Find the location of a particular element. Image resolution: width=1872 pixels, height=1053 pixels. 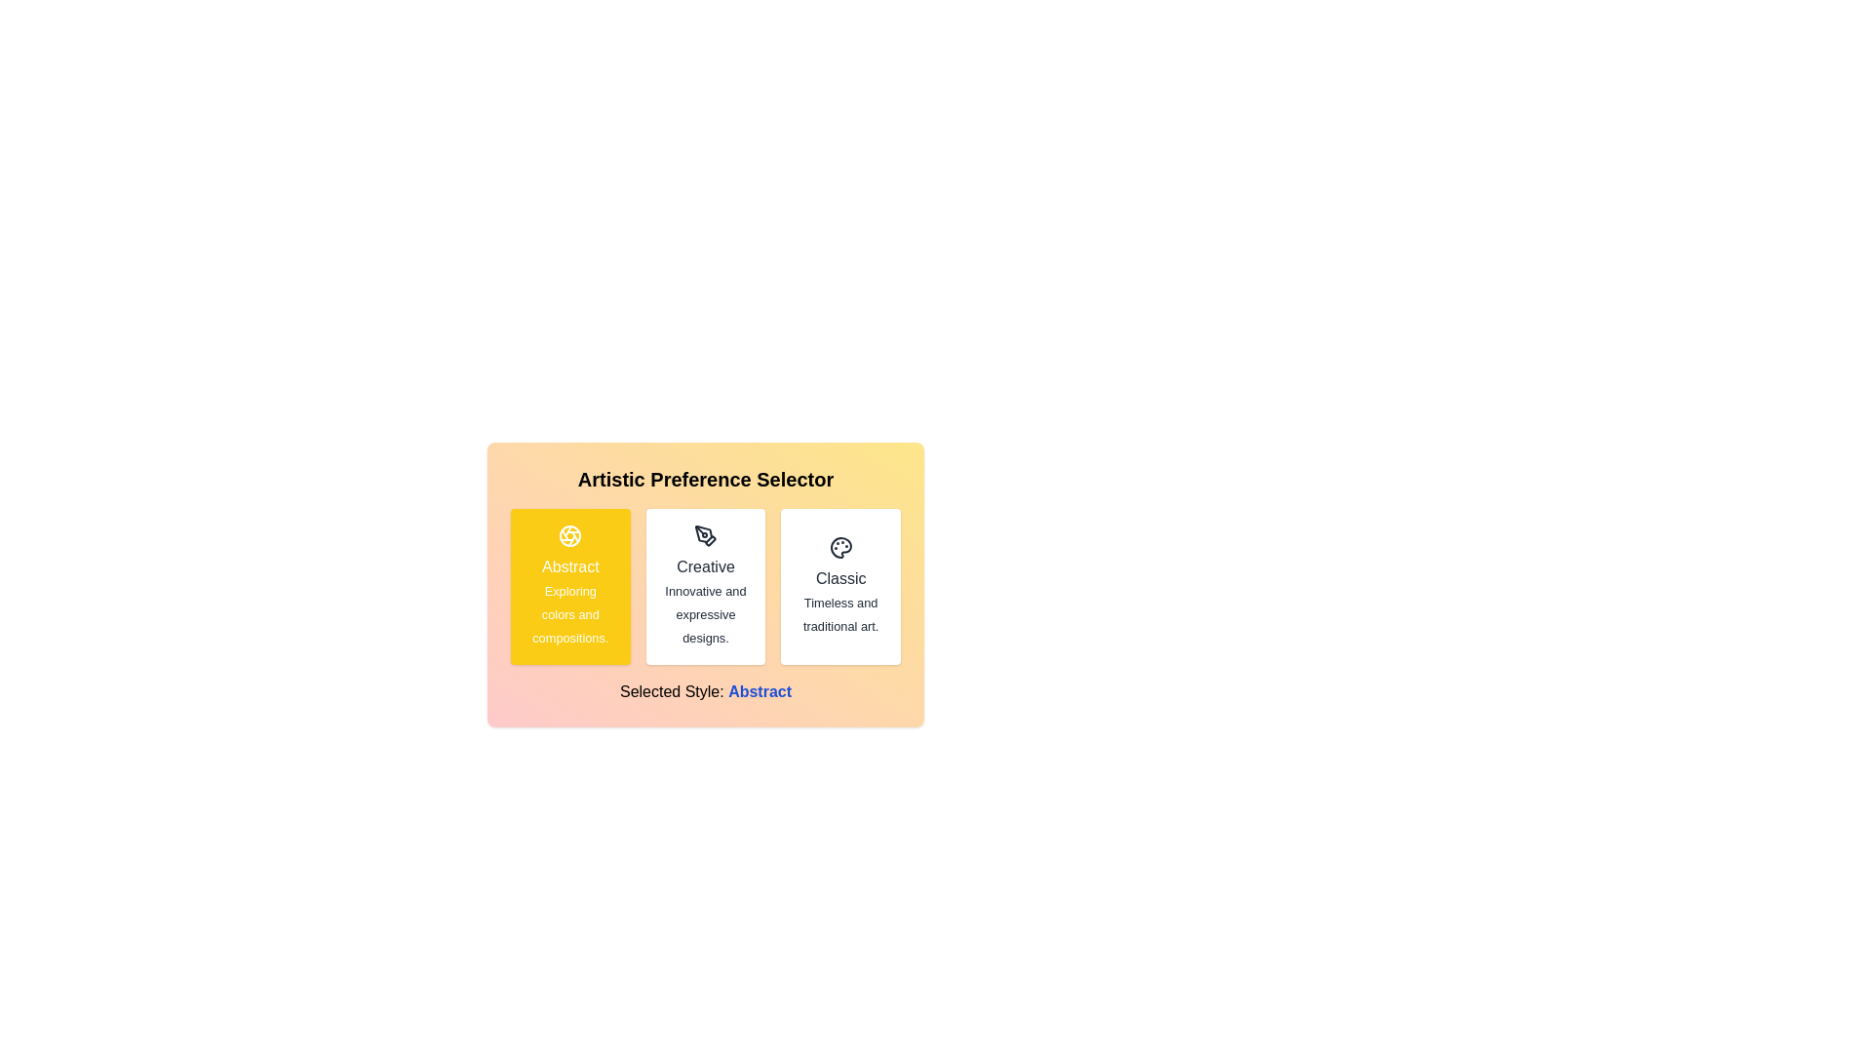

the icon for the artistic style Creative is located at coordinates (705, 536).